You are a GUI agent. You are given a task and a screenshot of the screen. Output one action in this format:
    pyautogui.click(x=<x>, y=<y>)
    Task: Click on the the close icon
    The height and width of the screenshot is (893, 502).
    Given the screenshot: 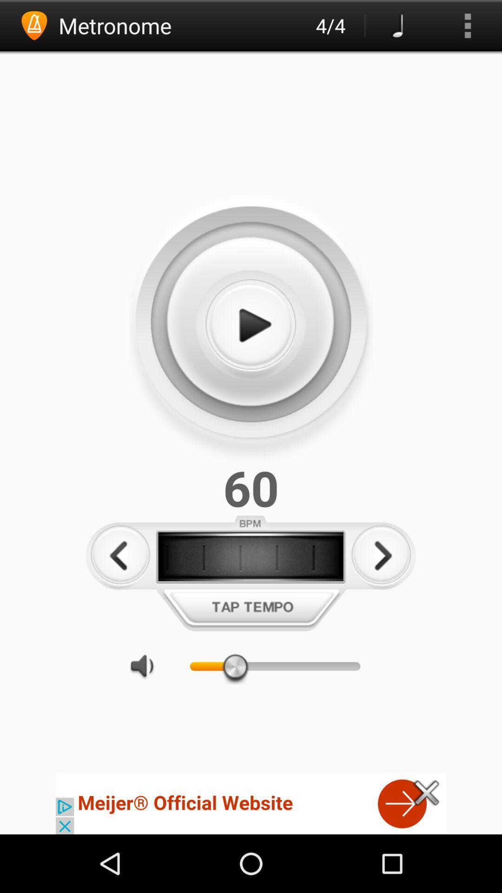 What is the action you would take?
    pyautogui.click(x=427, y=848)
    